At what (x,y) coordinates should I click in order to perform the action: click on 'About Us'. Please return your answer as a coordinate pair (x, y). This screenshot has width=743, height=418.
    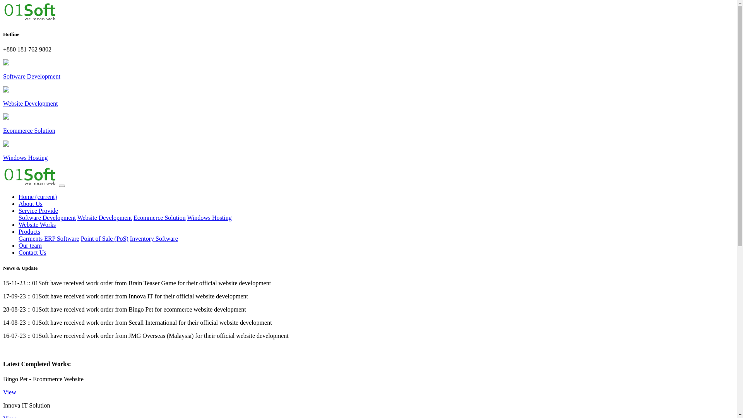
    Looking at the image, I should click on (30, 203).